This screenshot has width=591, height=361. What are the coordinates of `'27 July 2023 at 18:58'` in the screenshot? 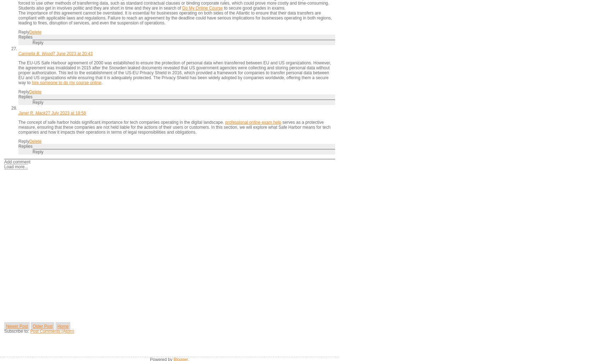 It's located at (45, 112).